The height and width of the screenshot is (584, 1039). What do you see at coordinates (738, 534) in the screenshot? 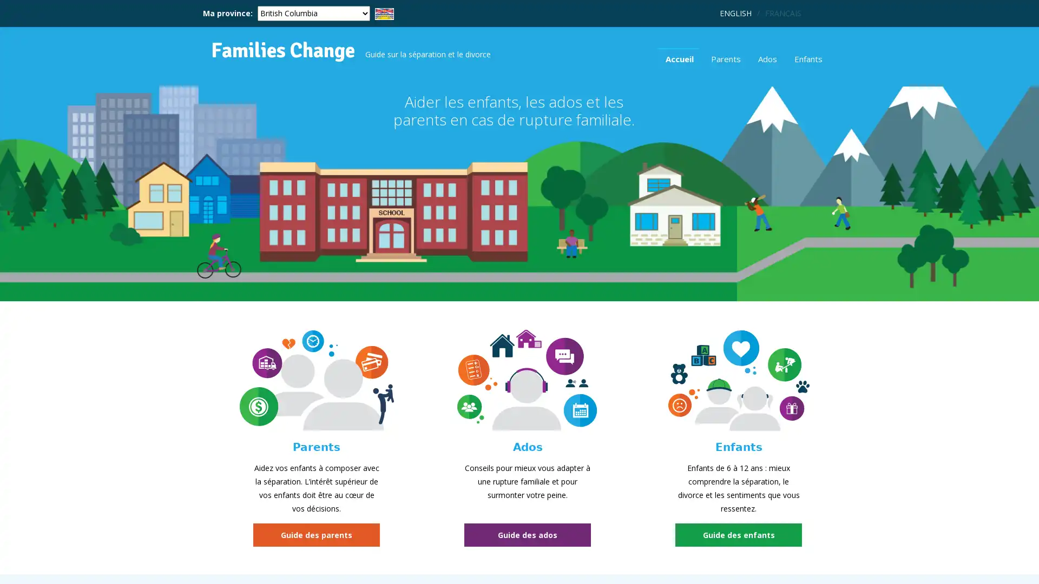
I see `Guide des enfants` at bounding box center [738, 534].